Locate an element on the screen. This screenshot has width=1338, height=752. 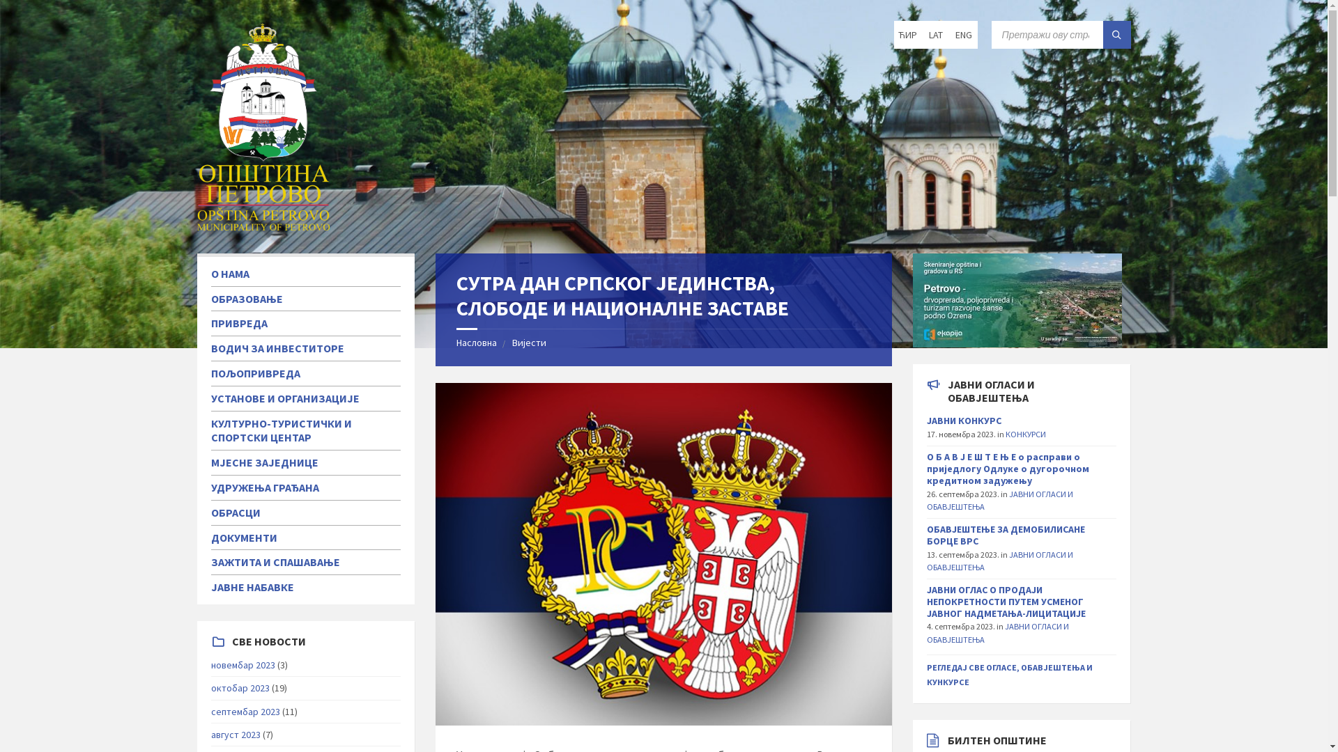
'ENG' is located at coordinates (962, 34).